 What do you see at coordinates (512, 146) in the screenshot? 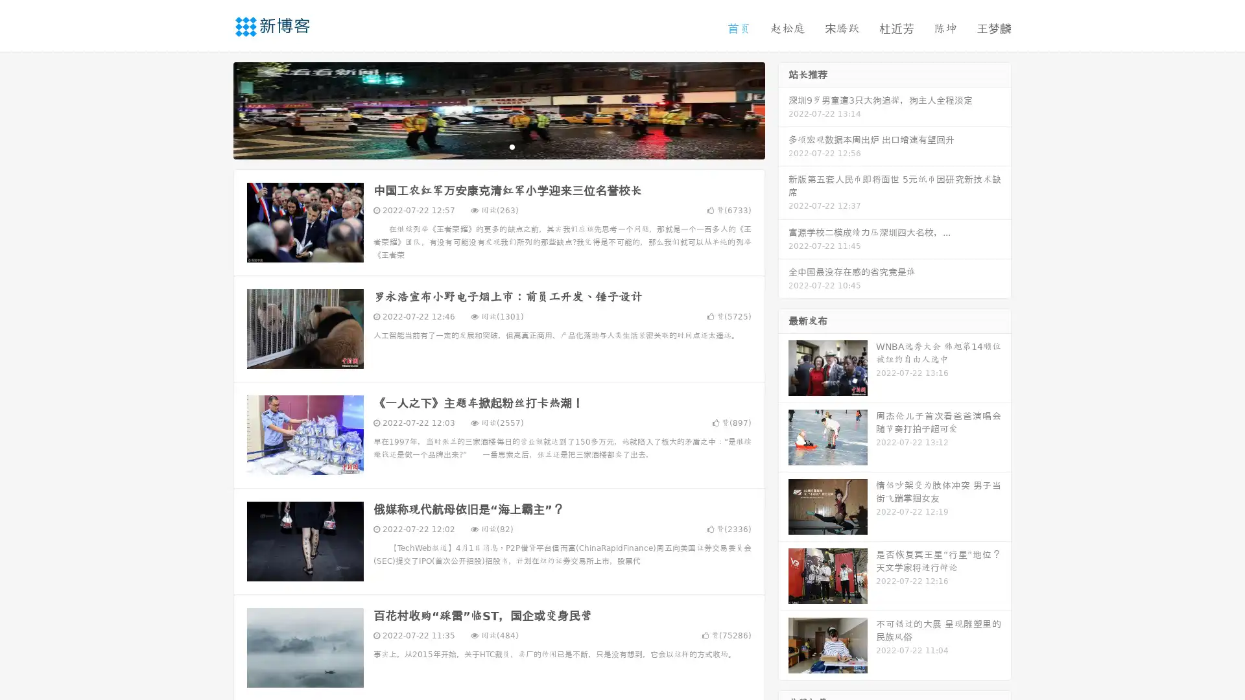
I see `Go to slide 3` at bounding box center [512, 146].